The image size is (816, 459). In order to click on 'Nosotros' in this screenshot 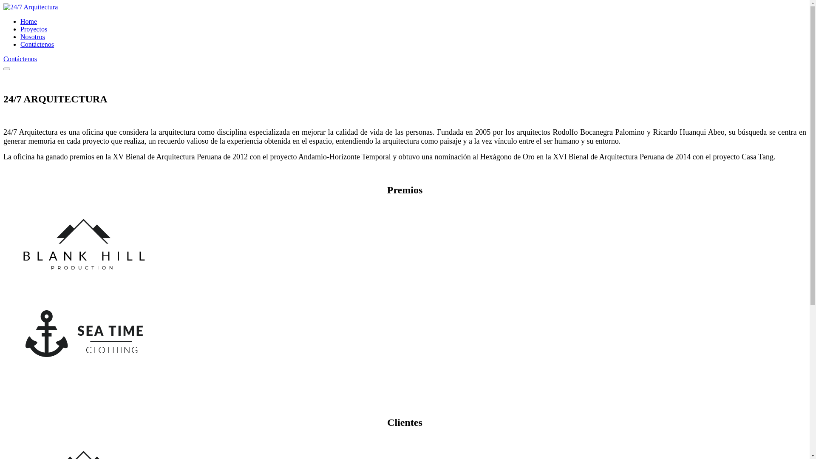, I will do `click(32, 36)`.